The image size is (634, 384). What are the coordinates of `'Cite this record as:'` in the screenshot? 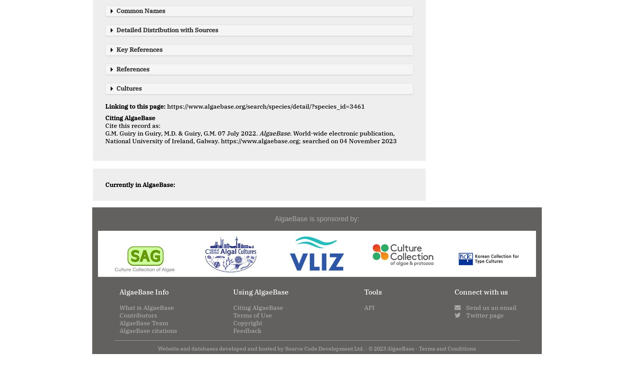 It's located at (133, 125).